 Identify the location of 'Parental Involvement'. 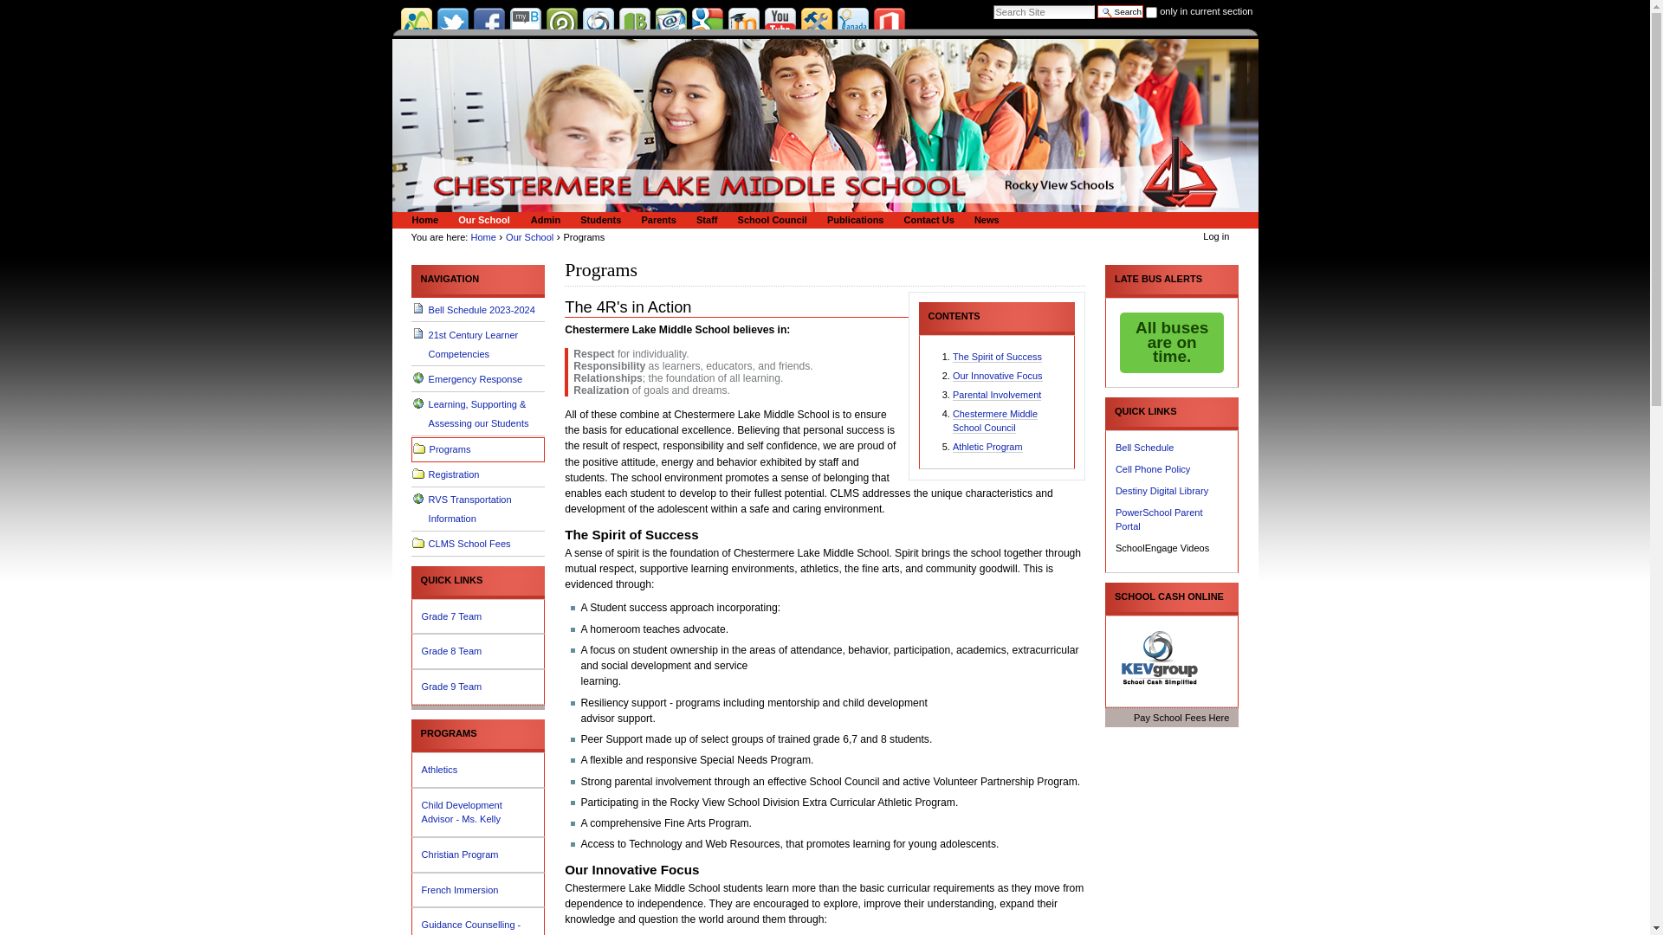
(997, 395).